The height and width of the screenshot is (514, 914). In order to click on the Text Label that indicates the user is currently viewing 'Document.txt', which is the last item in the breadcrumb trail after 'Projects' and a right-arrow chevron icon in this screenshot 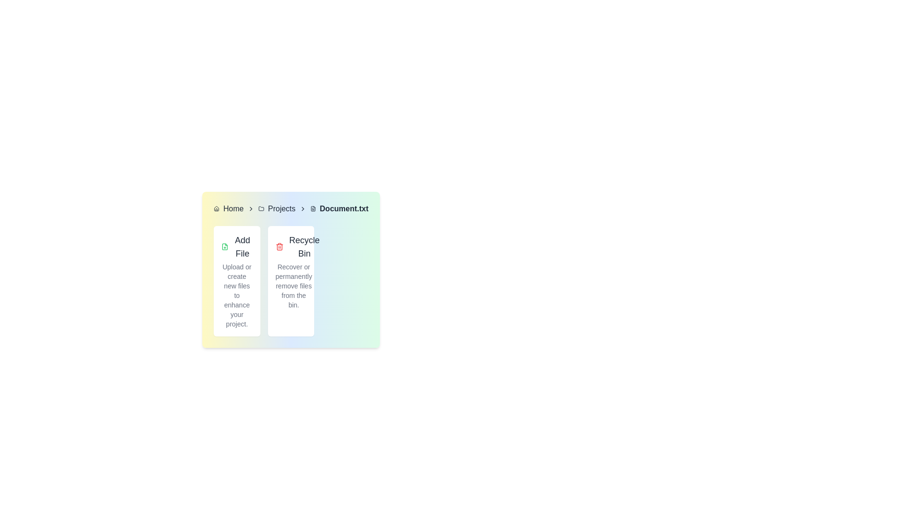, I will do `click(343, 208)`.